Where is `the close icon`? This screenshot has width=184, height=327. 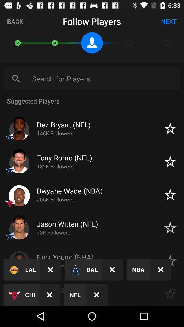 the close icon is located at coordinates (96, 294).